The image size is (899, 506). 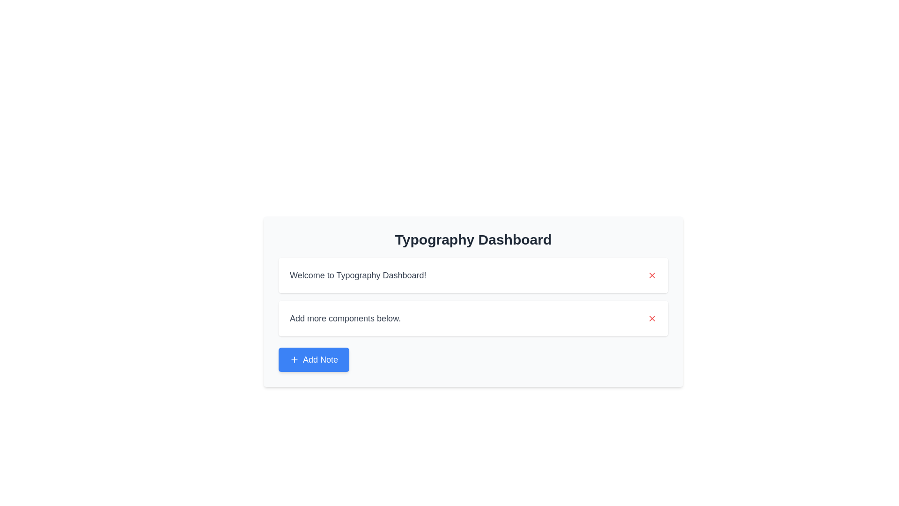 What do you see at coordinates (651, 275) in the screenshot?
I see `the small cross icon styled as part of a vector graphic at the top-right side of the text input box containing 'Welcome to Typography Dashboard!'` at bounding box center [651, 275].